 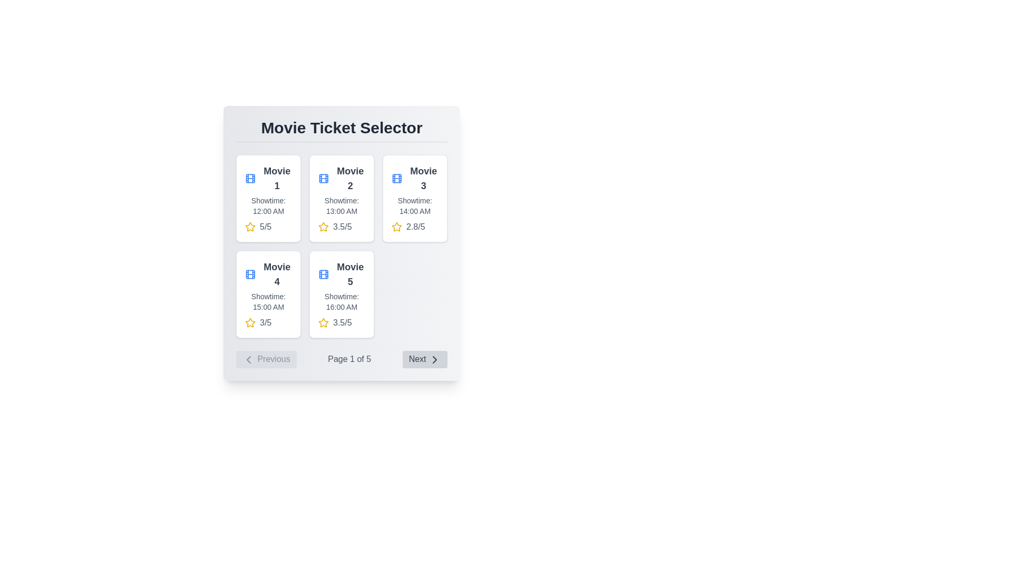 What do you see at coordinates (266, 227) in the screenshot?
I see `the rating text '5/5' displayed in gray font, located within the first movie card adjacent to a yellow star icon` at bounding box center [266, 227].